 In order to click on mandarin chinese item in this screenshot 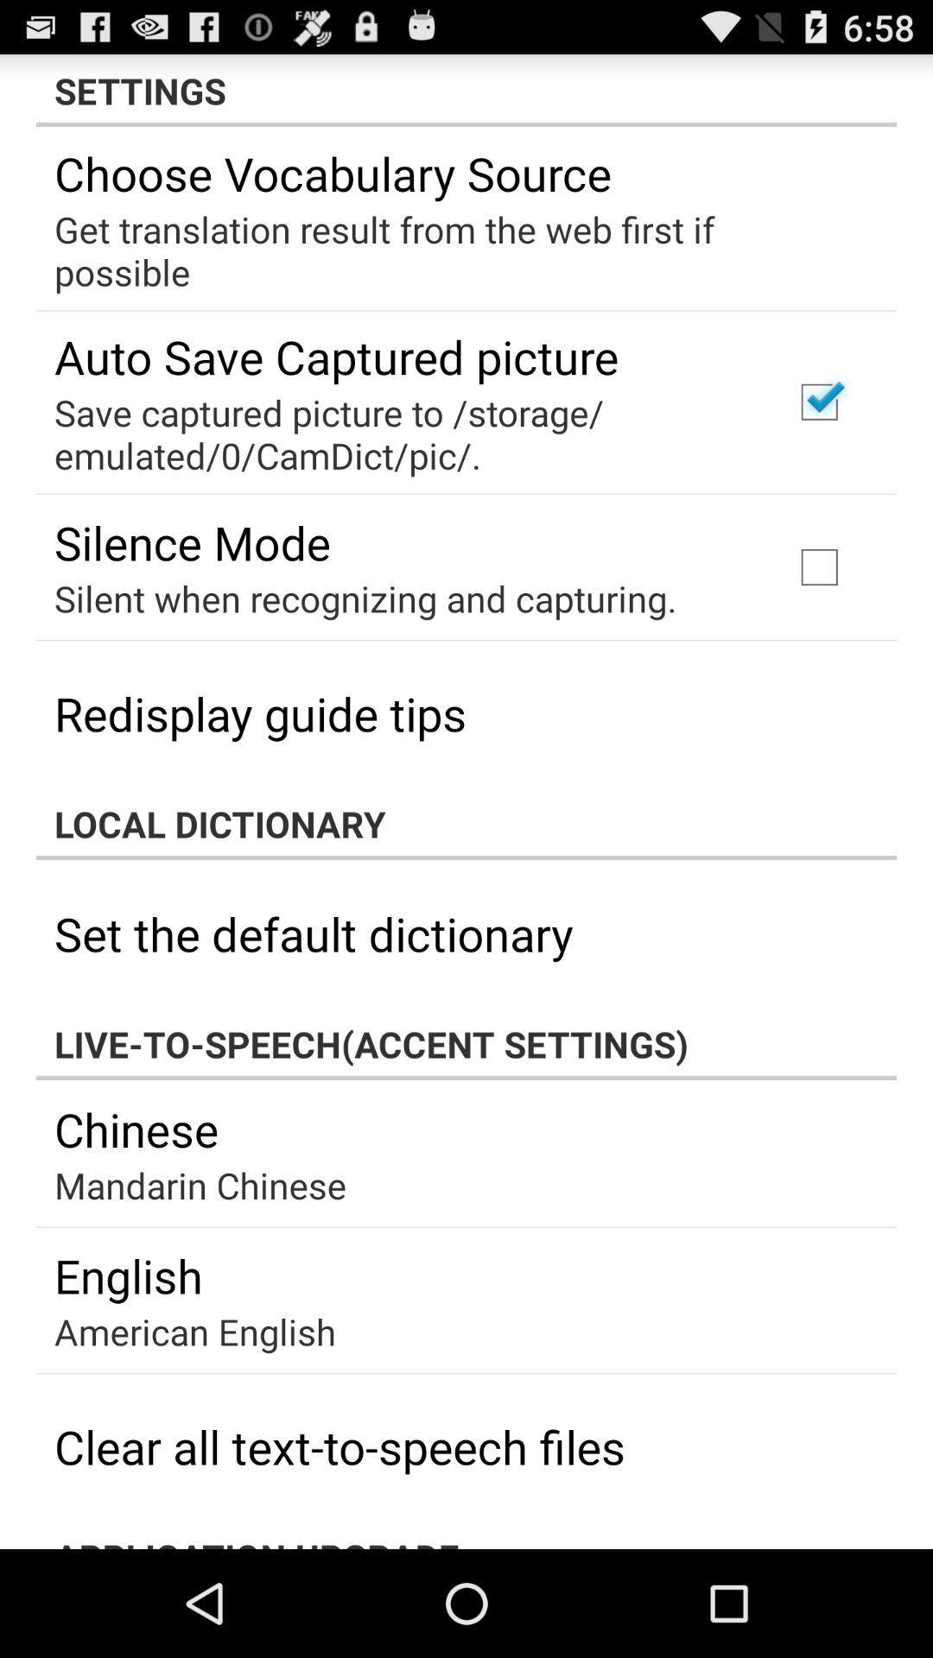, I will do `click(200, 1184)`.